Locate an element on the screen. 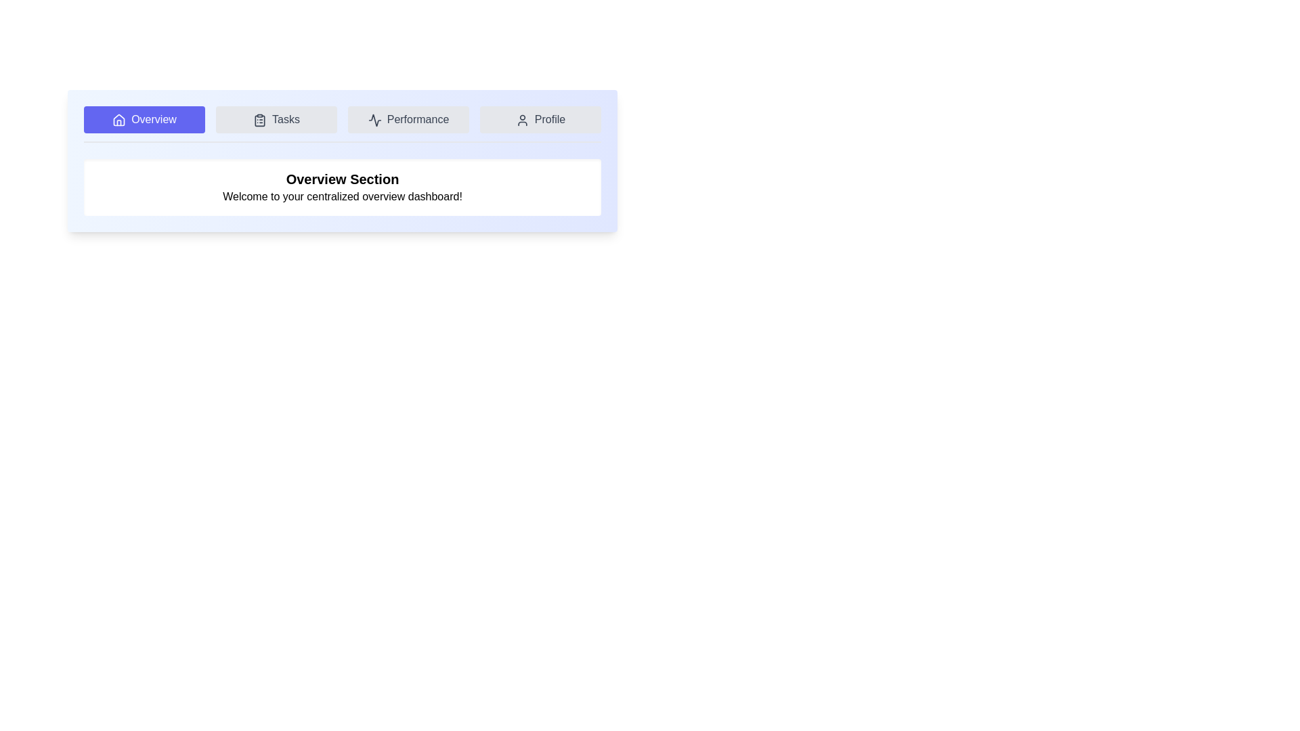 This screenshot has width=1300, height=731. title text element located at the top-center of the interface, which serves as a heading for the overview section is located at coordinates (342, 179).